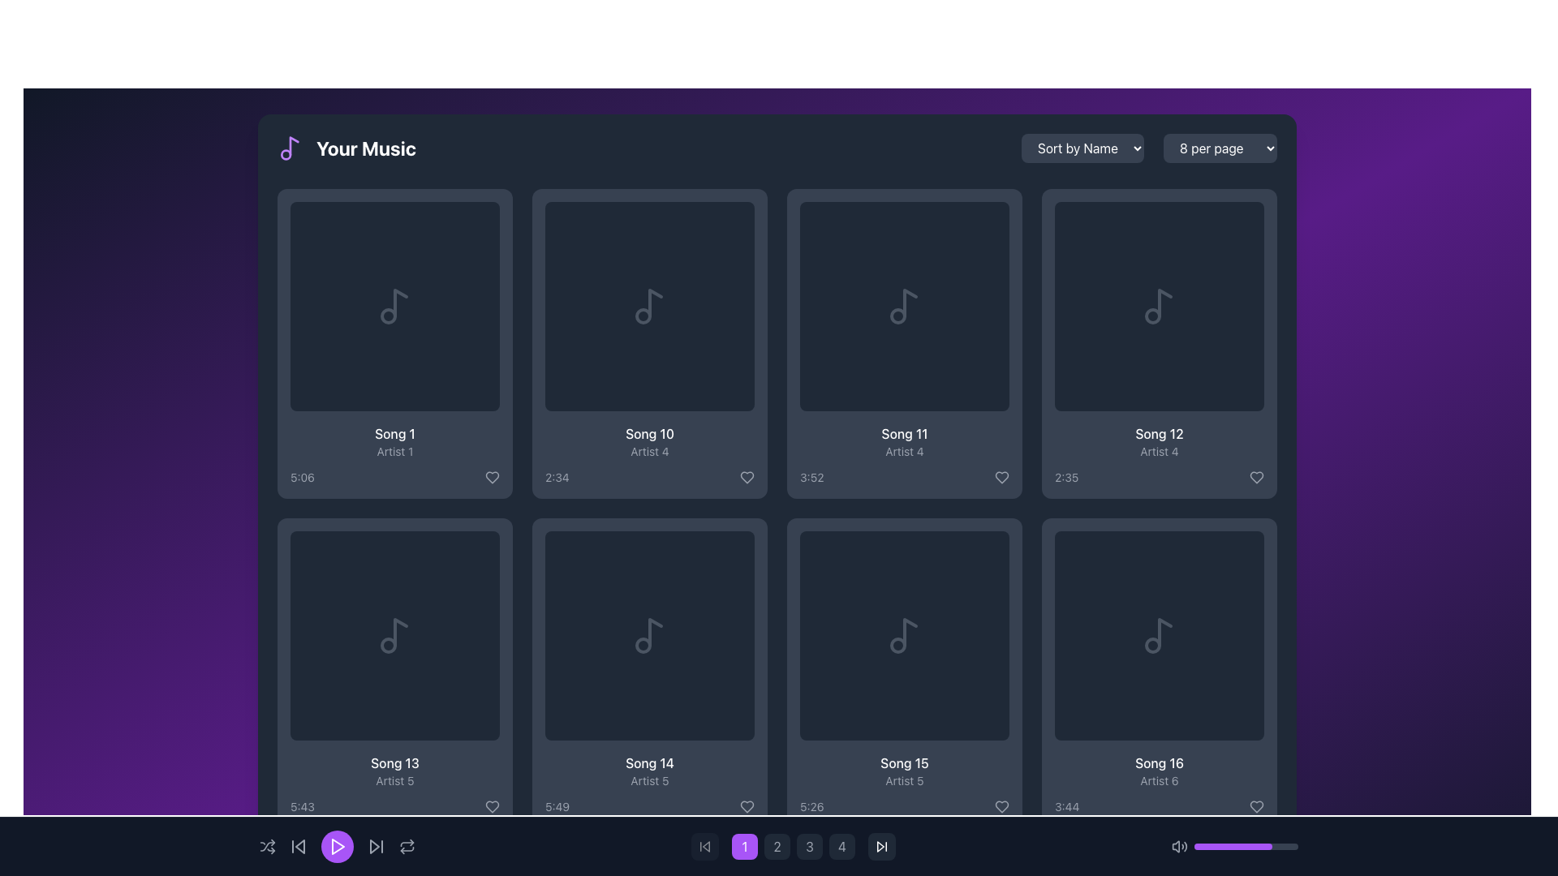 Image resolution: width=1558 pixels, height=876 pixels. Describe the element at coordinates (903, 433) in the screenshot. I see `the text label displaying 'Song 11', which is styled in white font and located at the bottom of the third card in the first row of the grid layout` at that location.